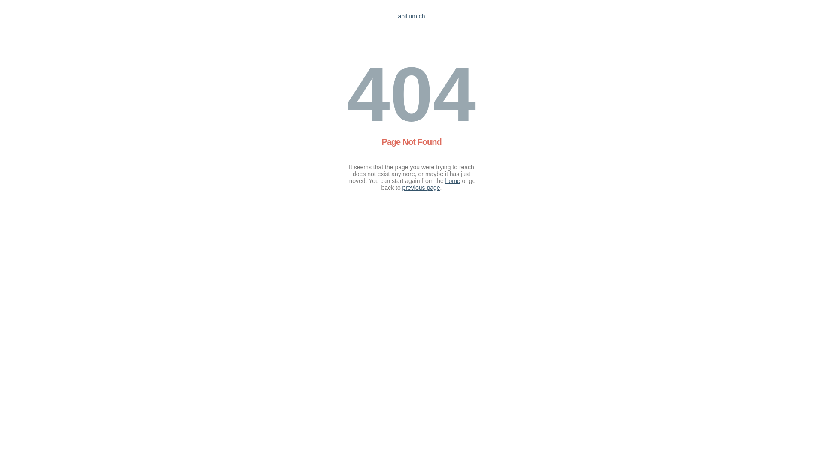  What do you see at coordinates (445, 180) in the screenshot?
I see `'home'` at bounding box center [445, 180].